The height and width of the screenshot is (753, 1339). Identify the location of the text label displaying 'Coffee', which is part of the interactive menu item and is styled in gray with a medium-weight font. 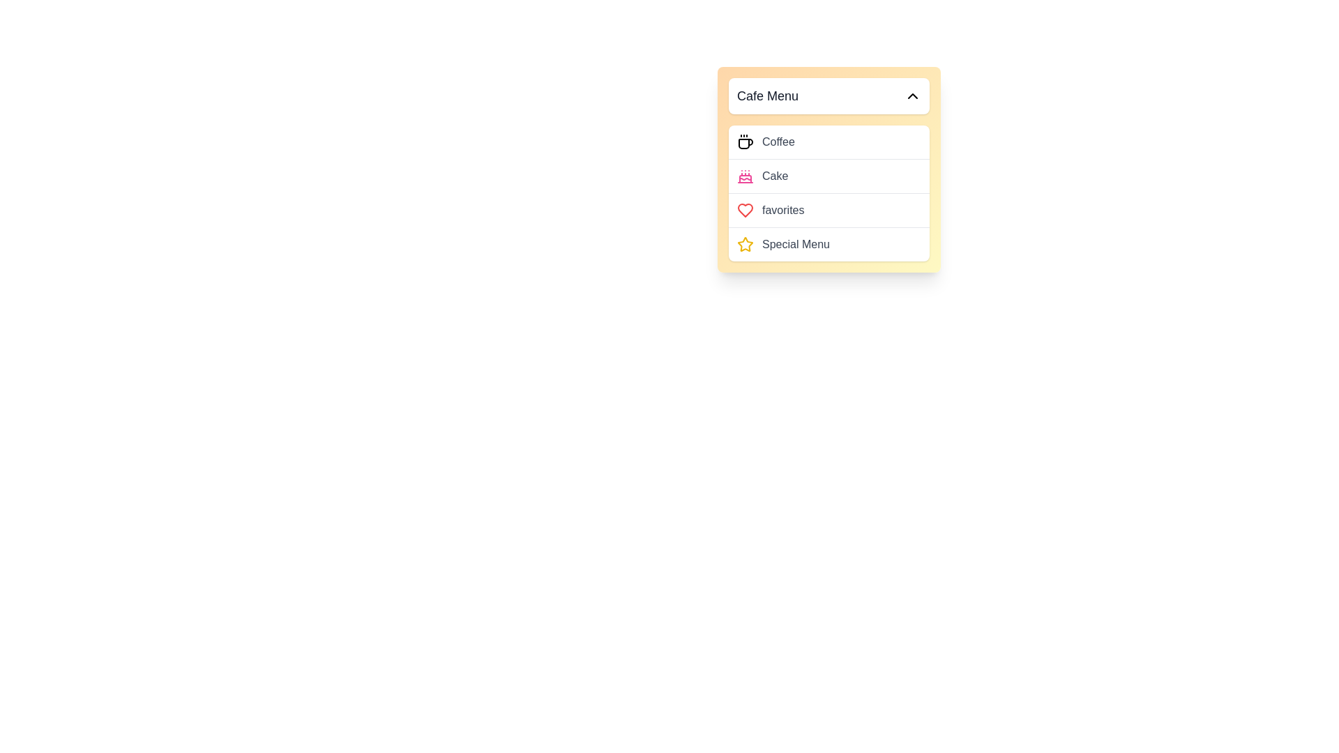
(778, 142).